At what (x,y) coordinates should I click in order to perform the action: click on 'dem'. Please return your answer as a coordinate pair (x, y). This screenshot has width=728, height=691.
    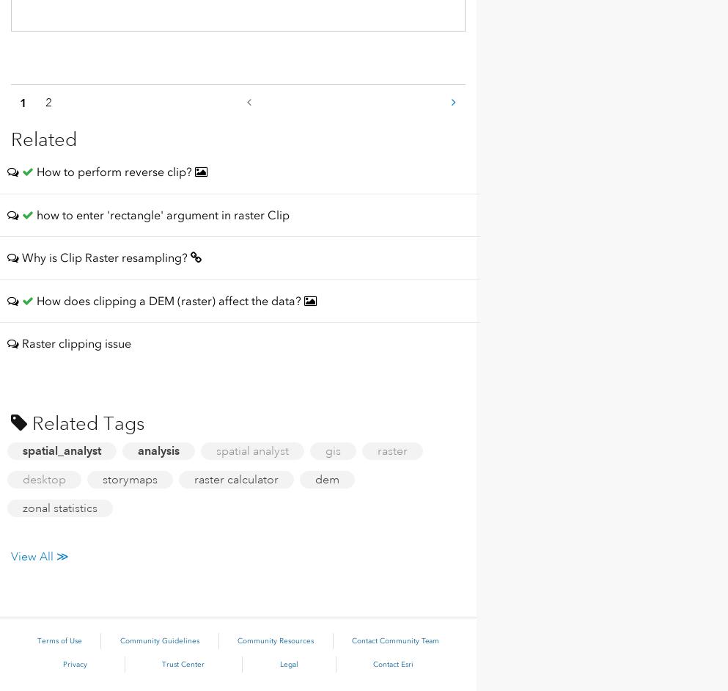
    Looking at the image, I should click on (327, 479).